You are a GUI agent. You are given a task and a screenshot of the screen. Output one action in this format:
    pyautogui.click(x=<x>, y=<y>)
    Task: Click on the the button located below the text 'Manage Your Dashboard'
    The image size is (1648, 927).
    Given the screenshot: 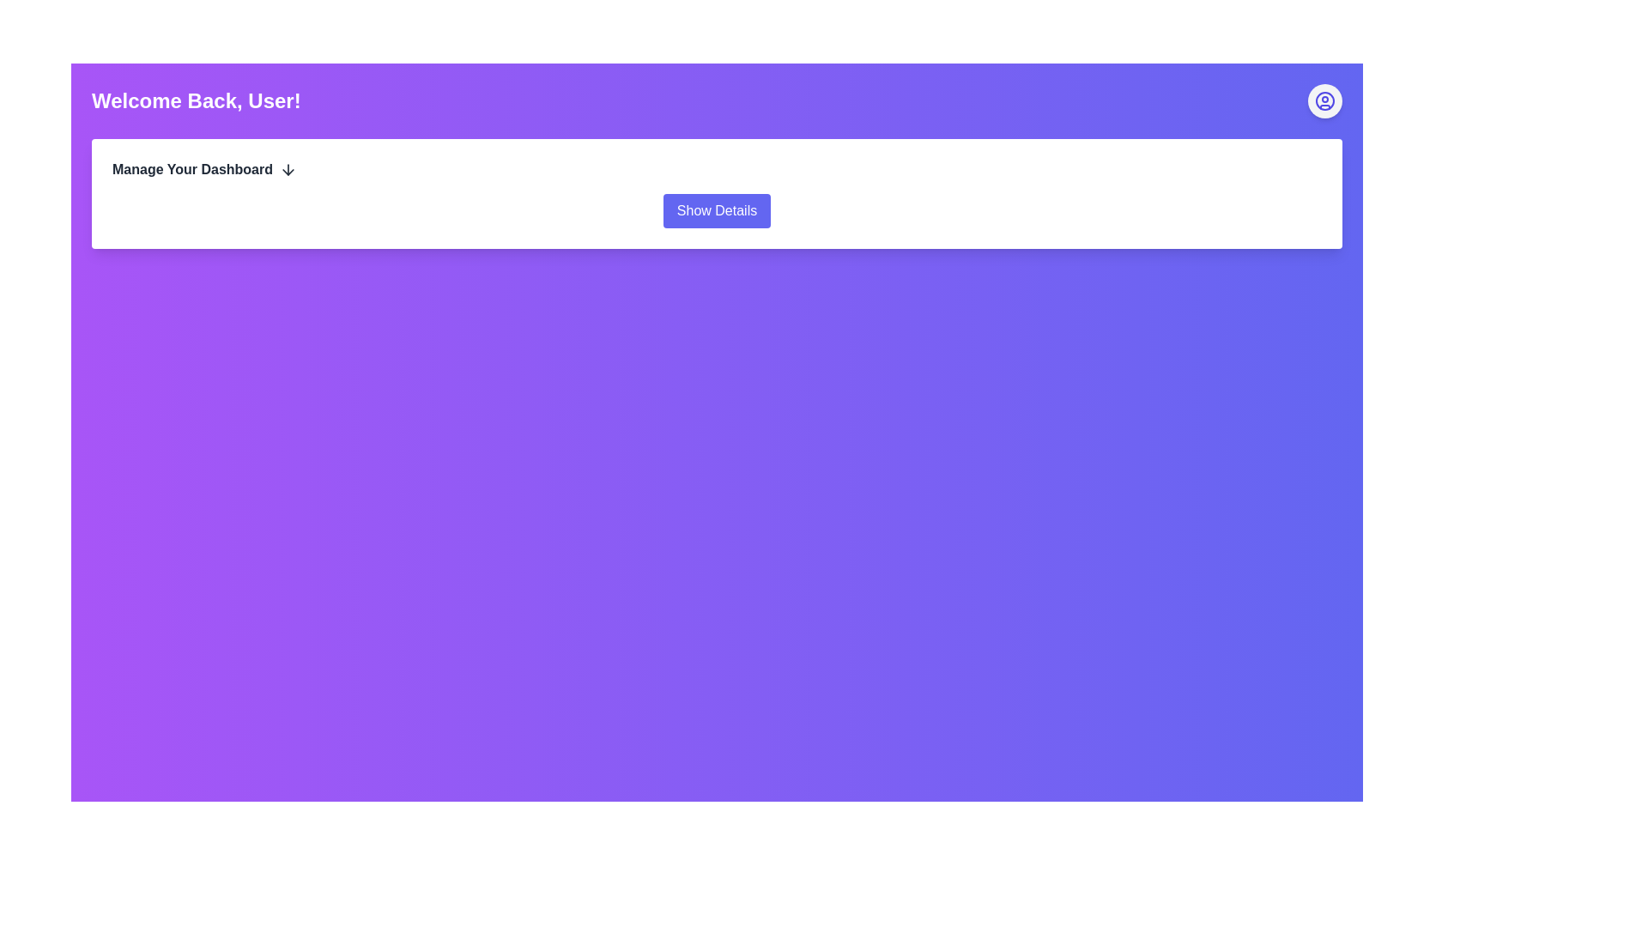 What is the action you would take?
    pyautogui.click(x=717, y=210)
    